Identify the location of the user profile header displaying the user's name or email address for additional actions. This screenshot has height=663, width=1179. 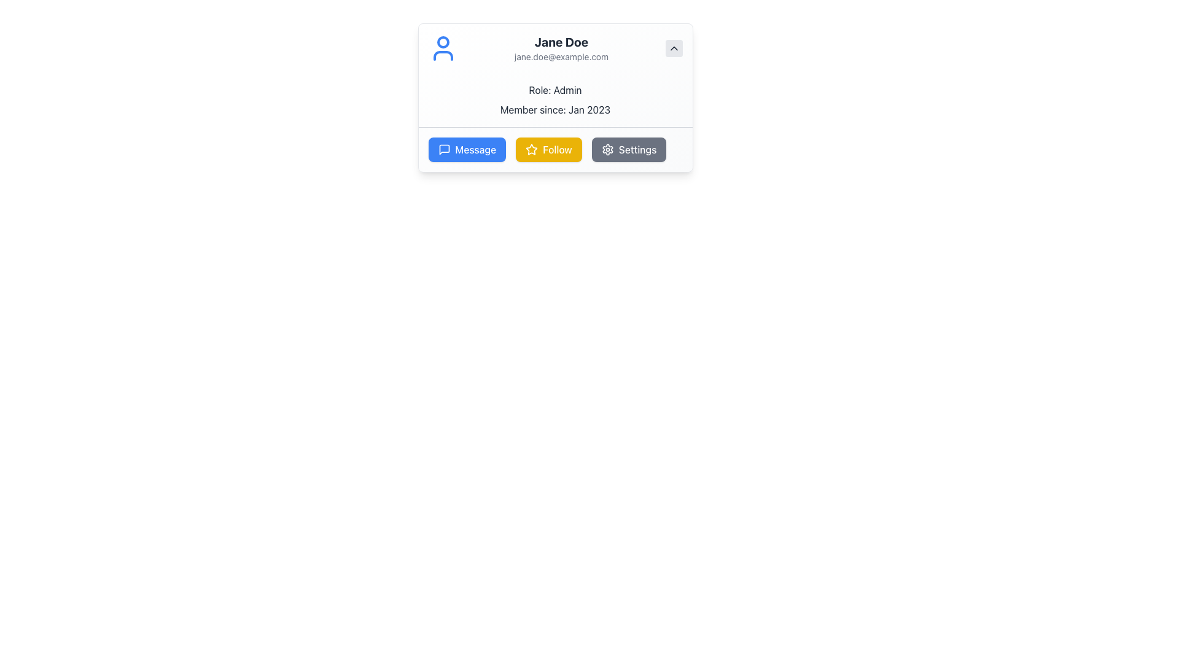
(554, 47).